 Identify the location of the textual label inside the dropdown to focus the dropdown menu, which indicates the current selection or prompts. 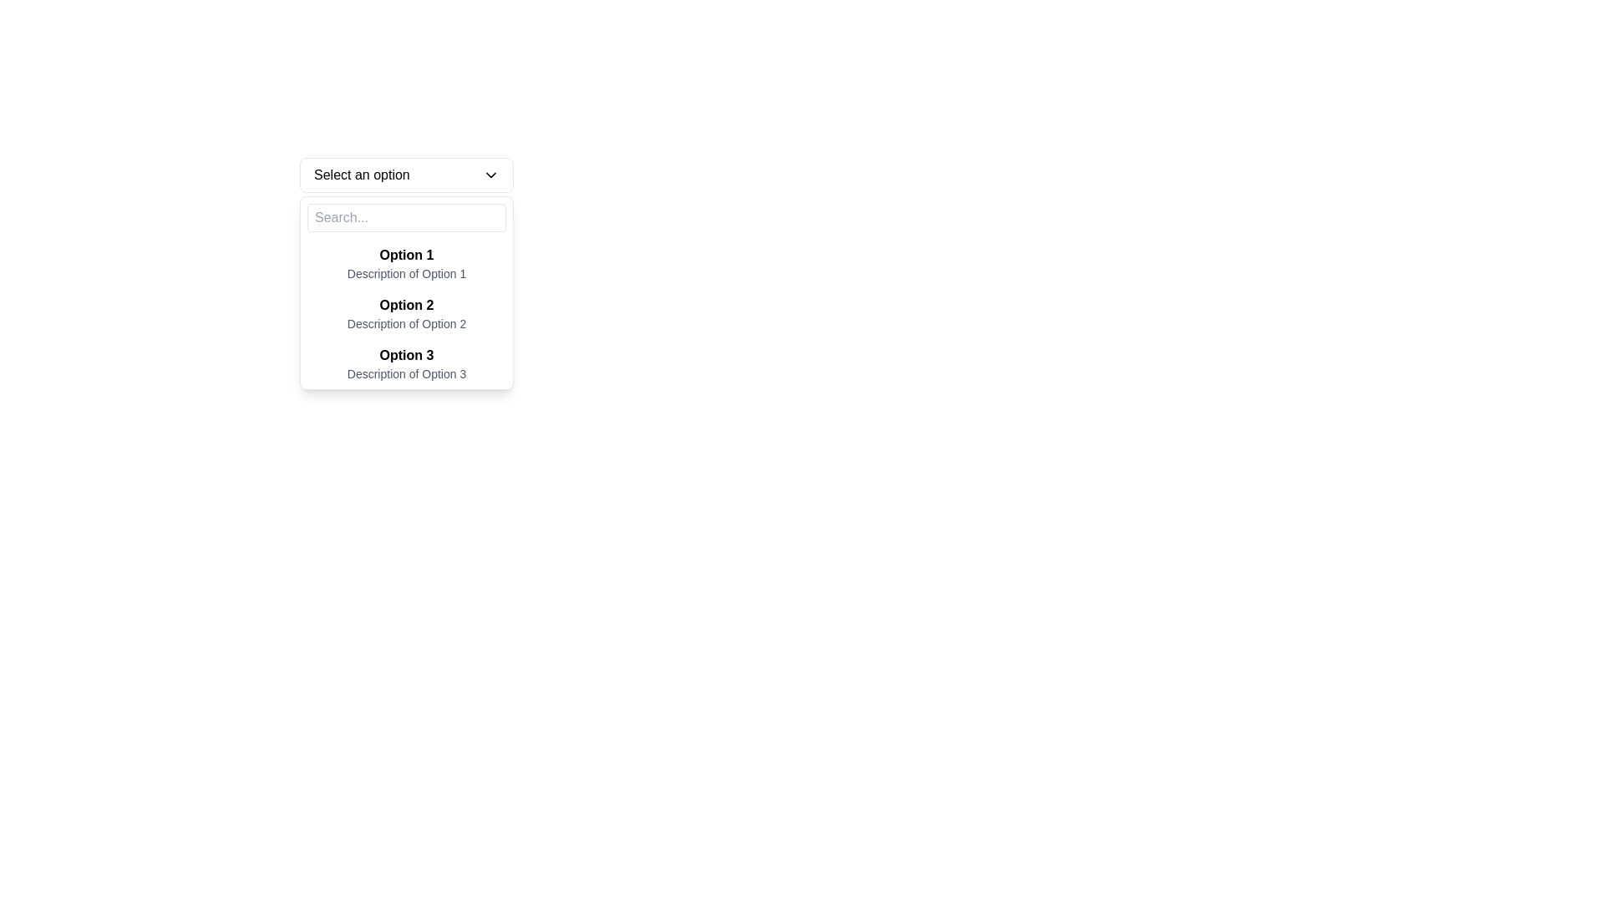
(361, 175).